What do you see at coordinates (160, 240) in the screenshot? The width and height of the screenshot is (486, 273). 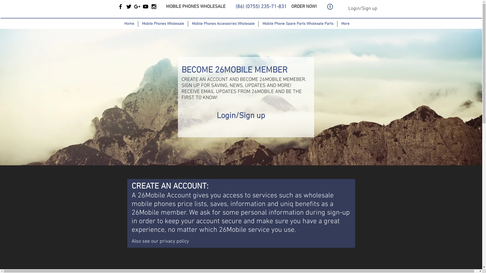 I see `'Also see our privacy policy'` at bounding box center [160, 240].